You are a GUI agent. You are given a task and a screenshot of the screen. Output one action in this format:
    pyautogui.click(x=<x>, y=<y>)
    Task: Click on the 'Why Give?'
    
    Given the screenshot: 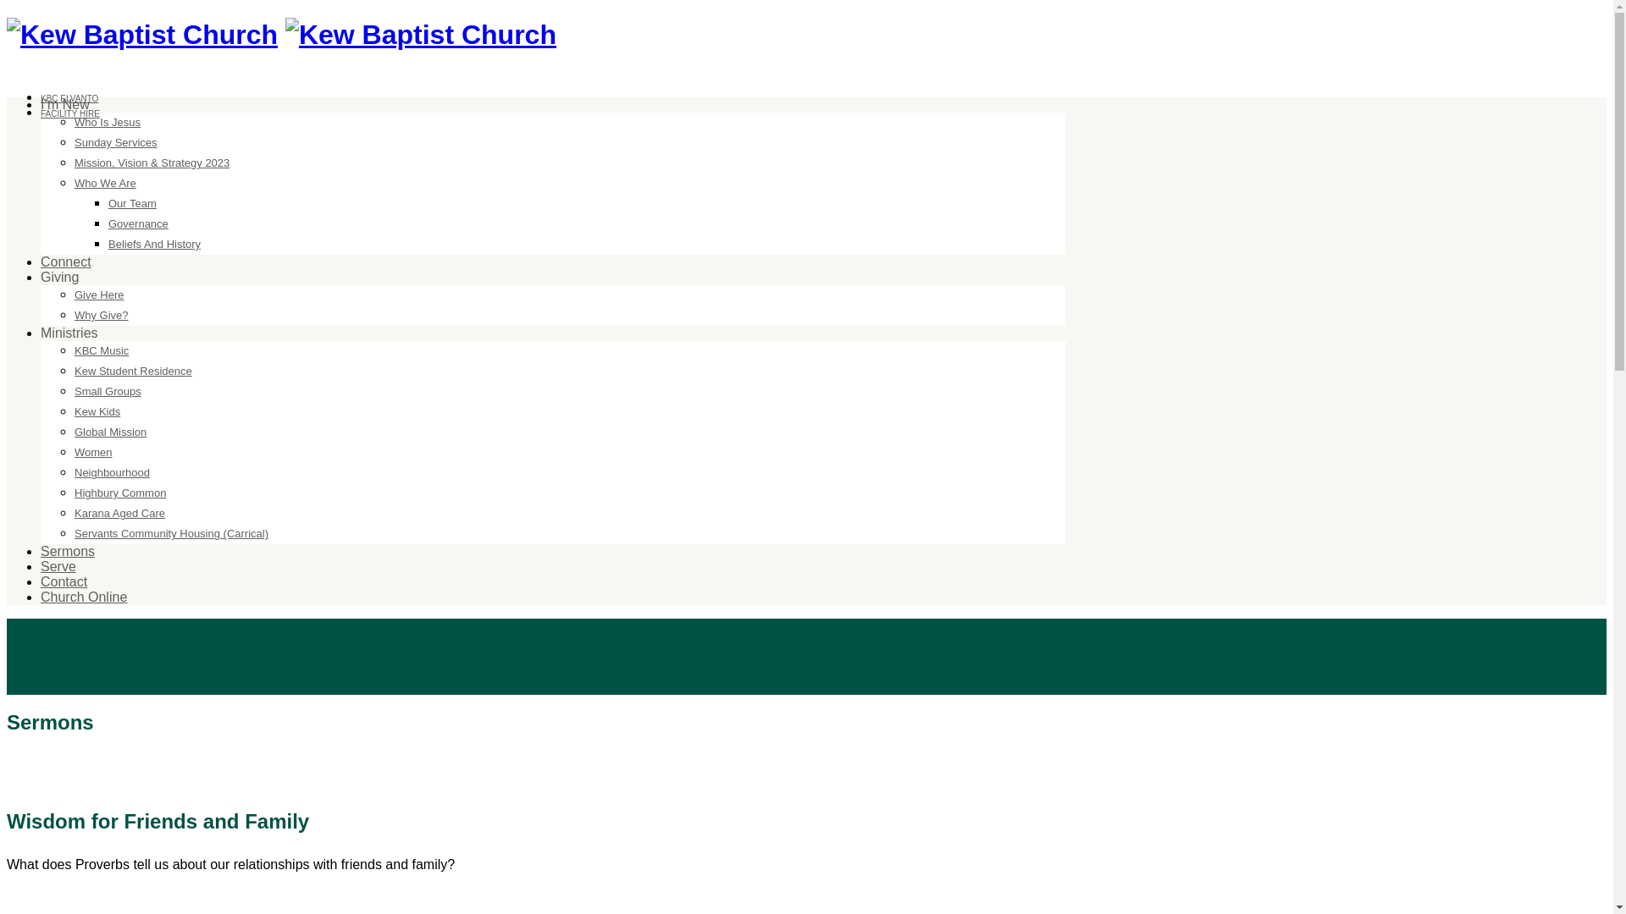 What is the action you would take?
    pyautogui.click(x=73, y=316)
    